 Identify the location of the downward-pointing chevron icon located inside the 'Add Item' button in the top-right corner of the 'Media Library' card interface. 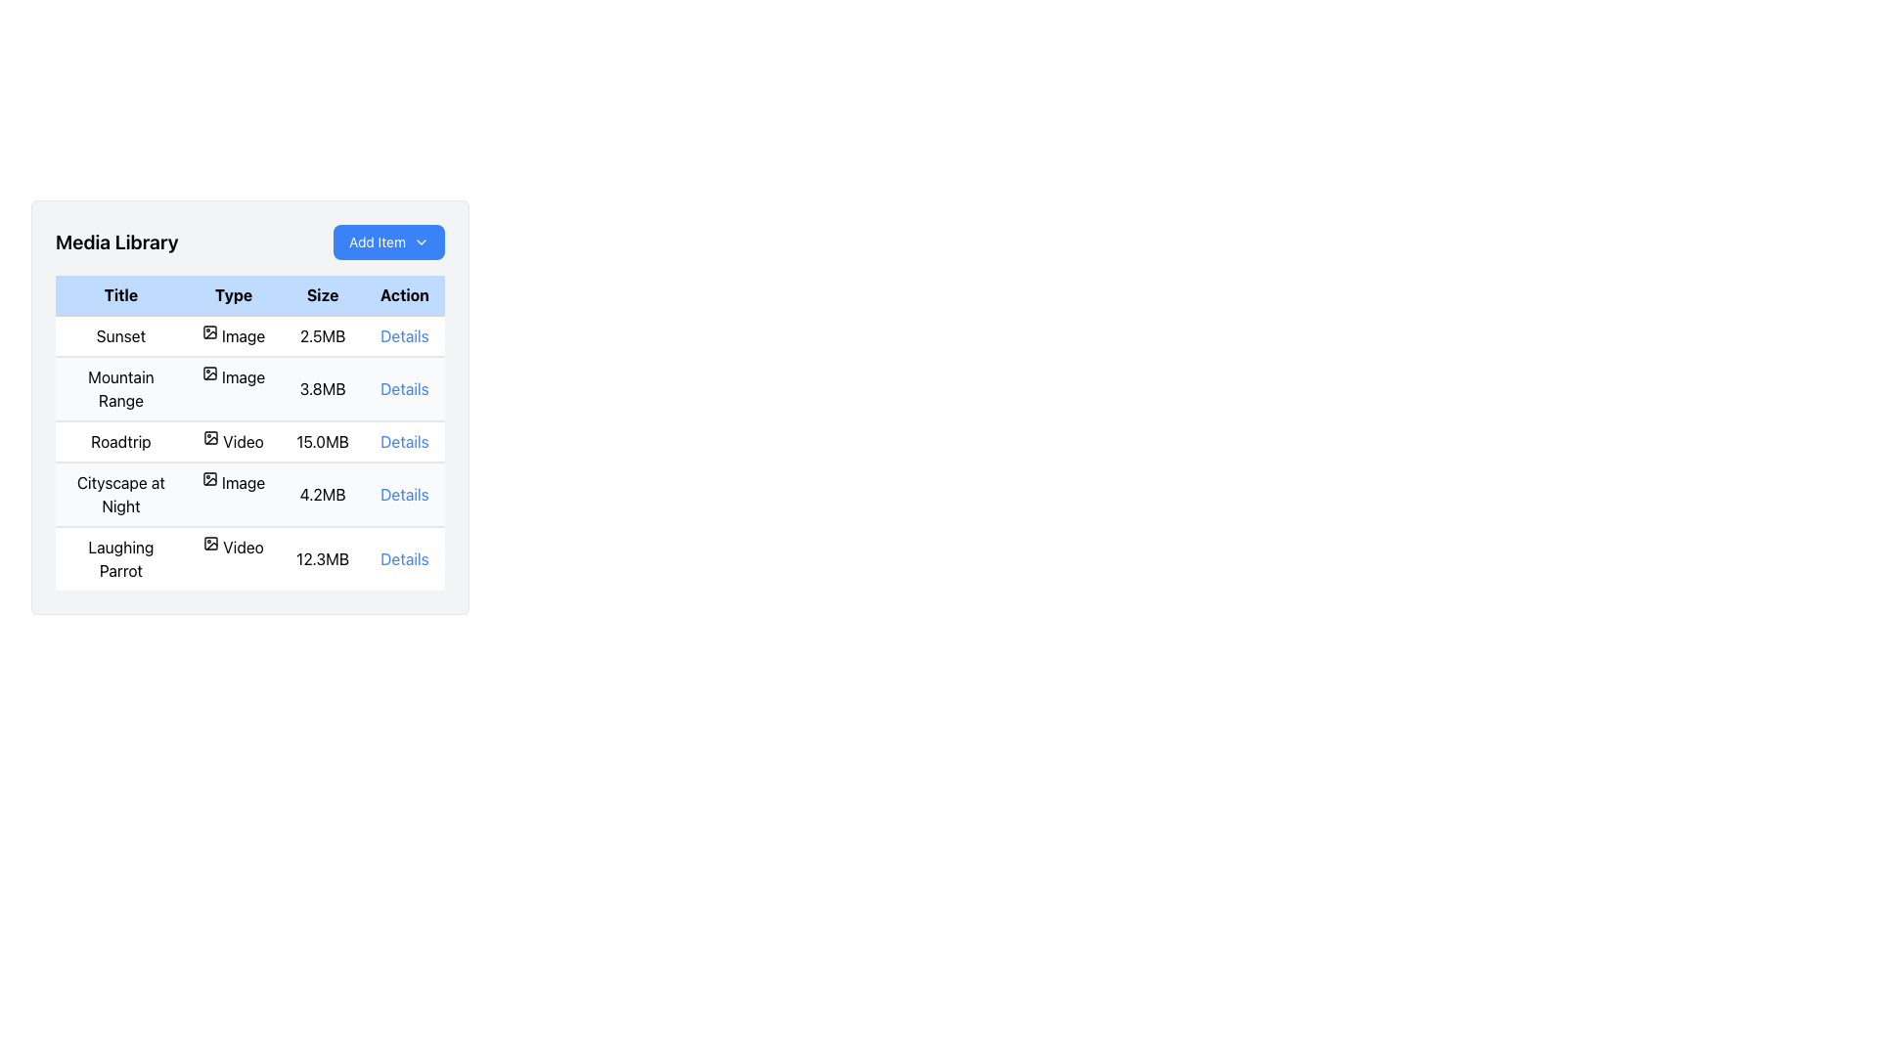
(421, 241).